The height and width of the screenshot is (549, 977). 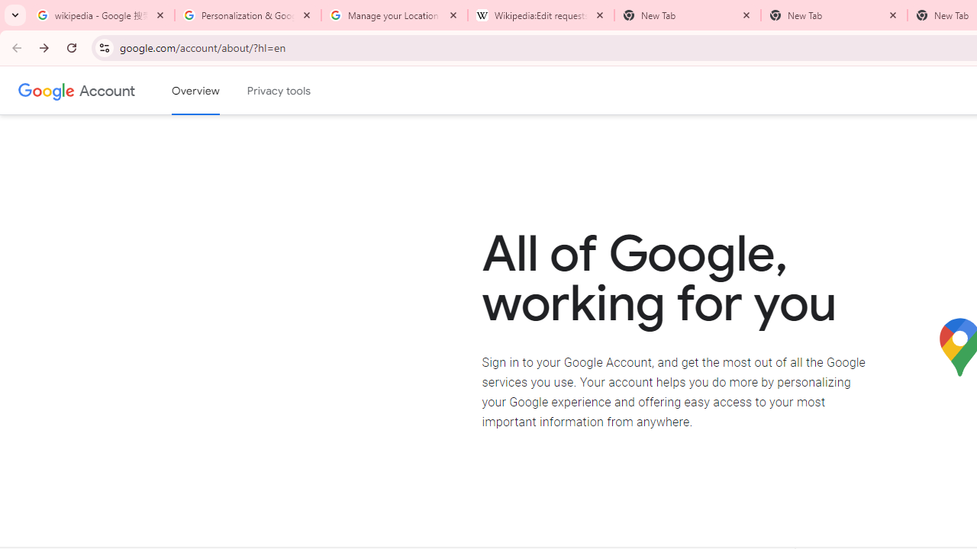 I want to click on 'Google Account', so click(x=106, y=90).